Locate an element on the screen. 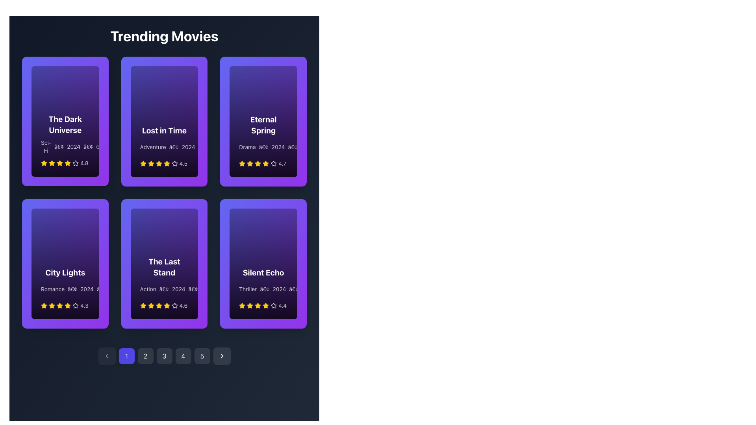 The height and width of the screenshot is (425, 756). the movie card located in the top row, third column of the grid layout, which provides details about a selectable movie item is located at coordinates (263, 121).